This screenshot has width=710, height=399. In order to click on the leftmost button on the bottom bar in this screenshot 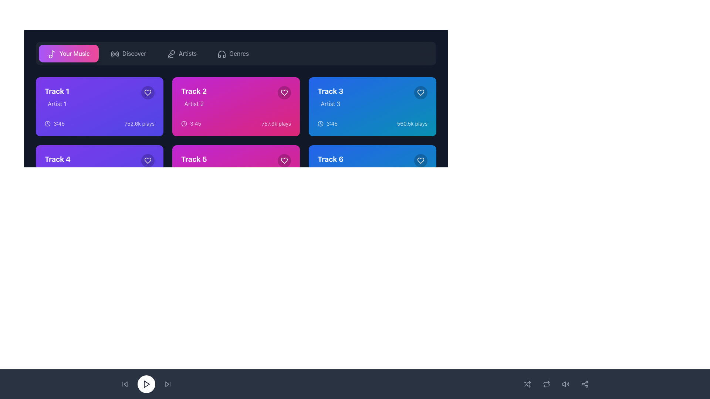, I will do `click(125, 384)`.